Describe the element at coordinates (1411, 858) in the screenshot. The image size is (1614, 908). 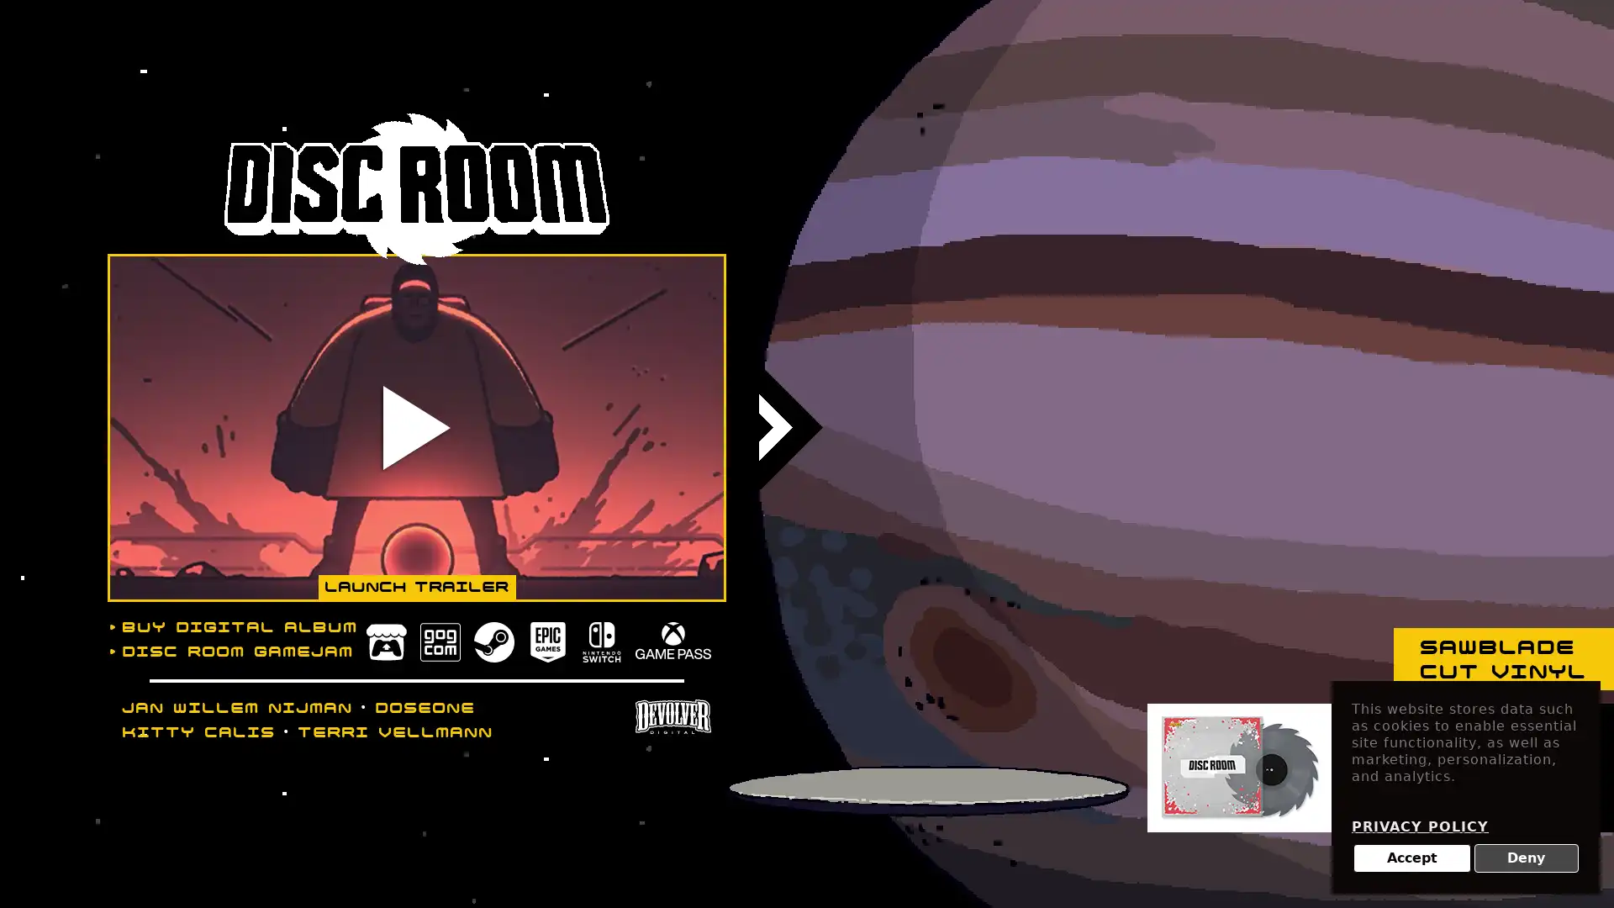
I see `Accept` at that location.